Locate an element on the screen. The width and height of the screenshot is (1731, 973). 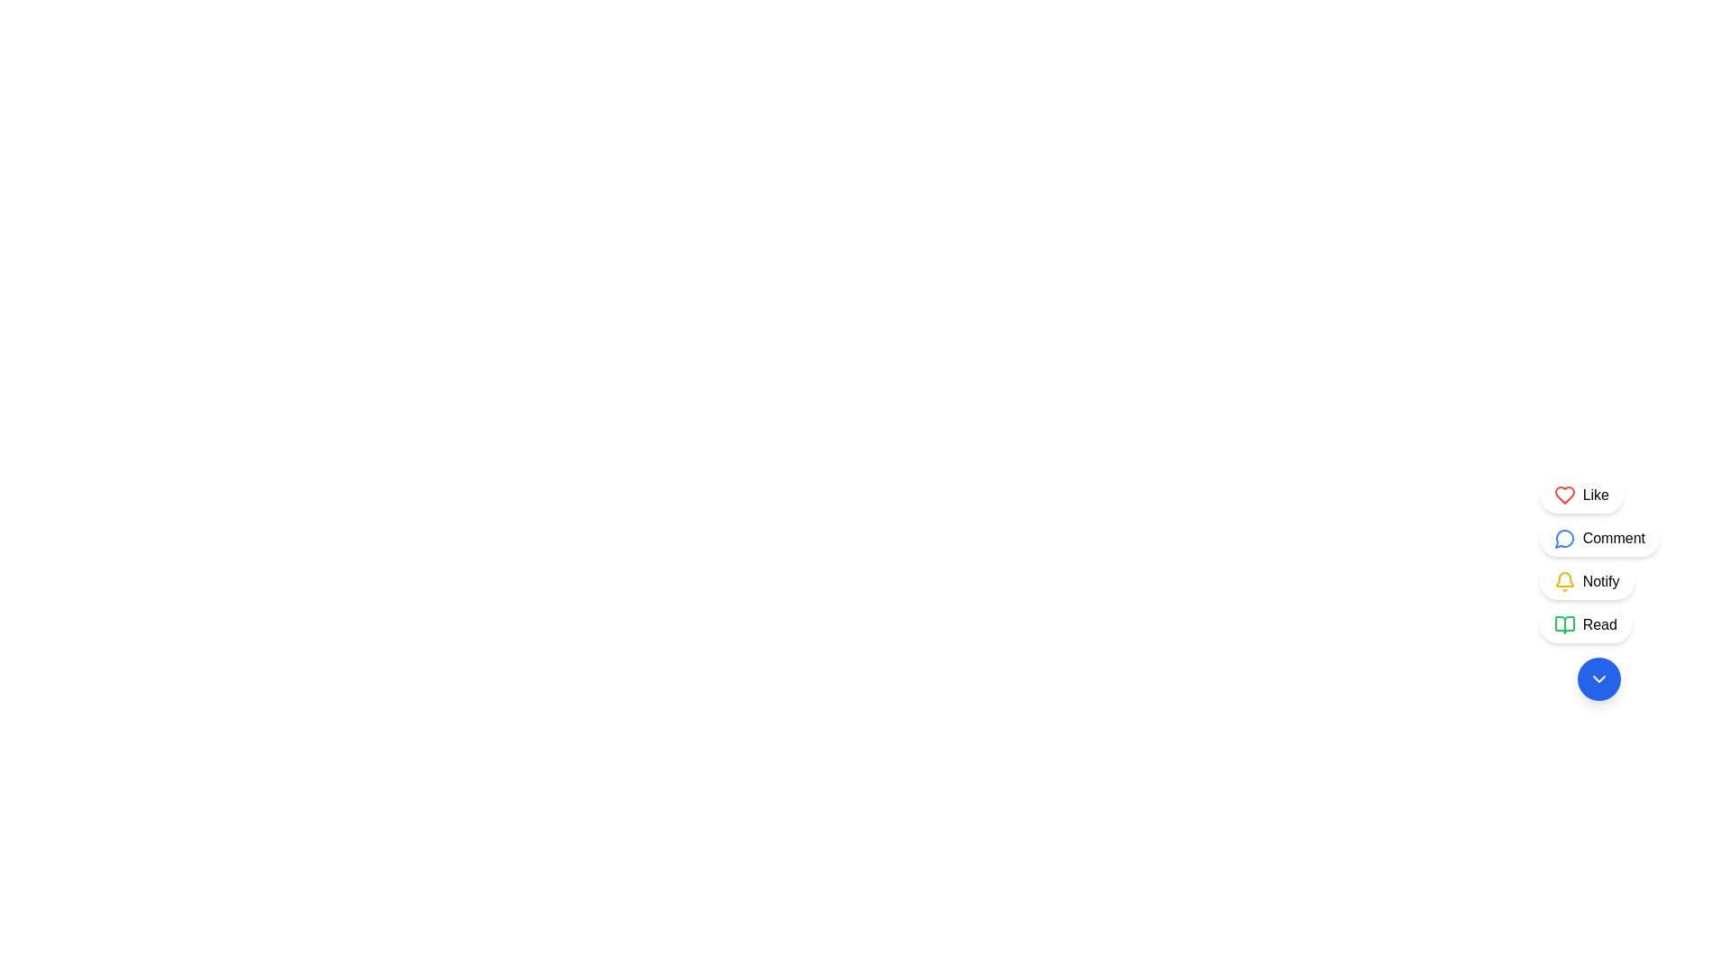
the 'Notify' button, which is a rounded white button with a yellow bell icon and shadow effect, located as the third button from the top in a group of four similar buttons is located at coordinates (1587, 581).